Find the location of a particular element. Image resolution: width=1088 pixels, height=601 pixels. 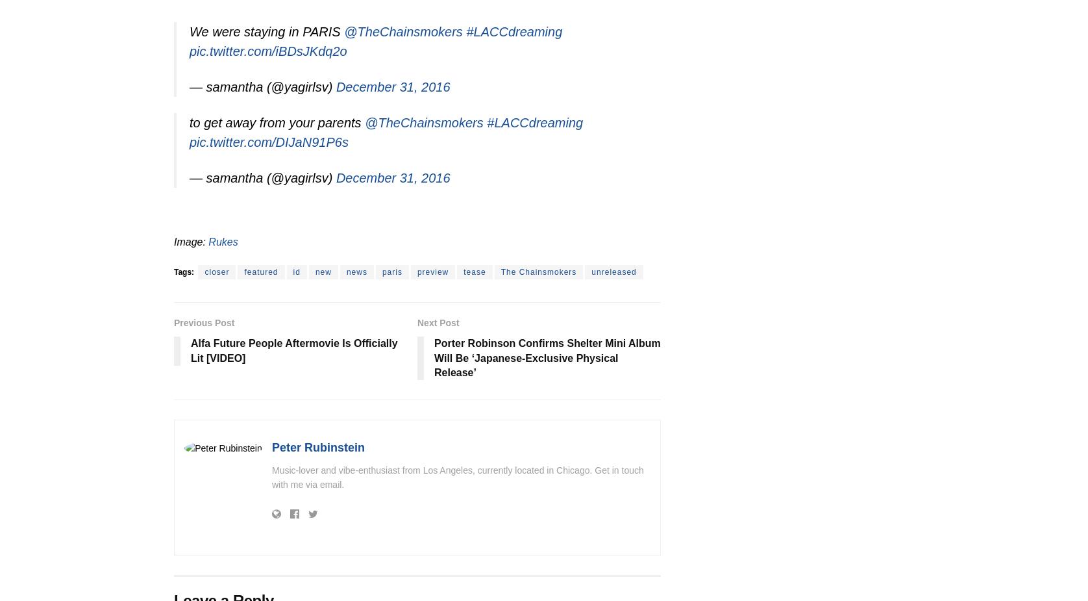

'Previous Post' is located at coordinates (203, 322).